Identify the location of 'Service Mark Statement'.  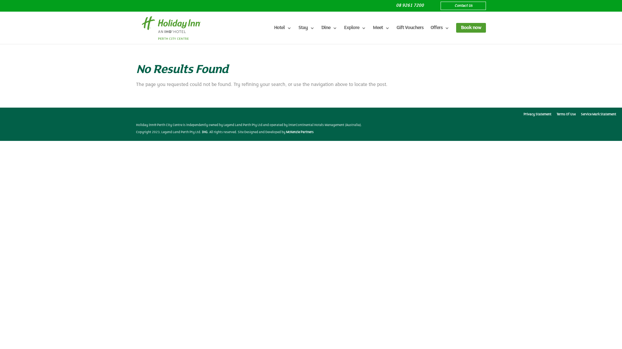
(598, 114).